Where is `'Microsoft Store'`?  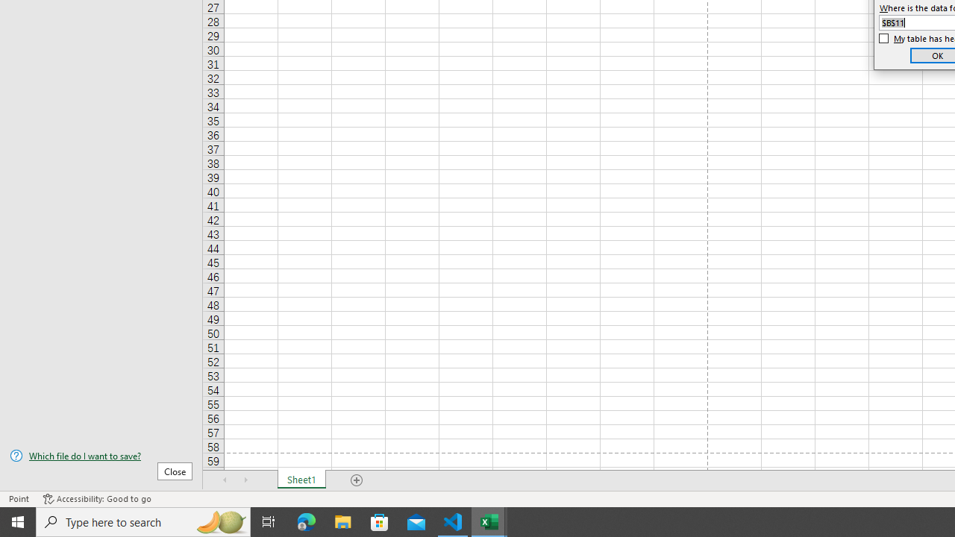 'Microsoft Store' is located at coordinates (380, 521).